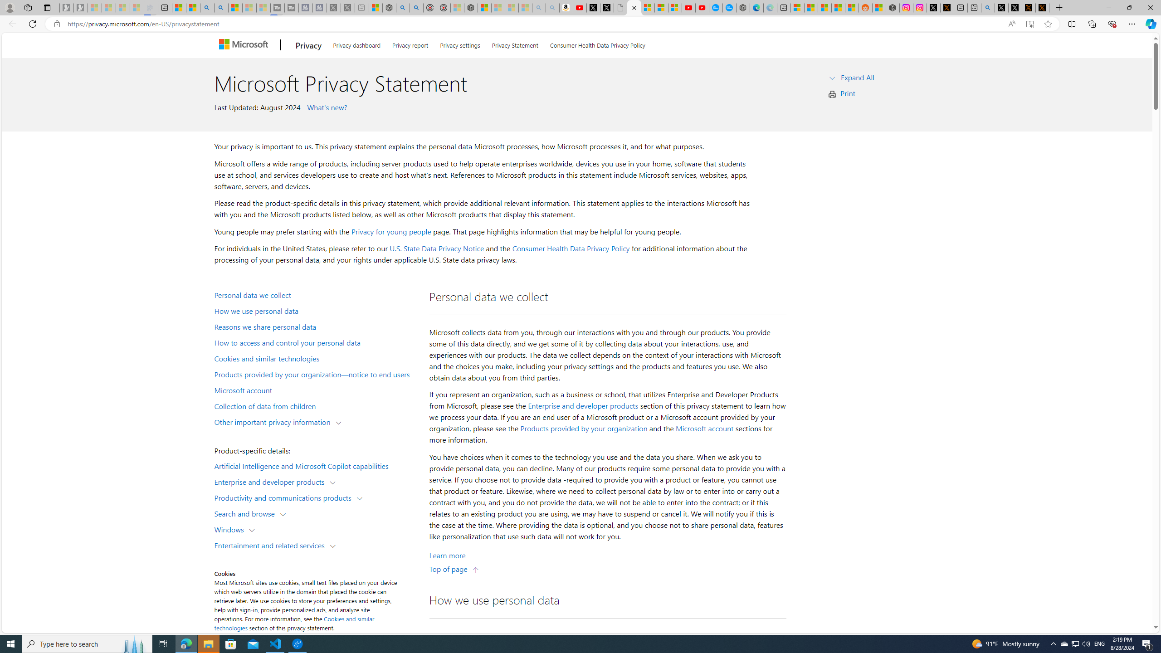  What do you see at coordinates (848, 93) in the screenshot?
I see `'Print'` at bounding box center [848, 93].